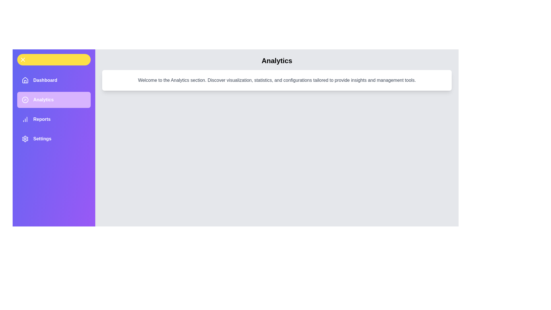 Image resolution: width=551 pixels, height=310 pixels. I want to click on the menu item labeled Reports to navigate to the corresponding section, so click(54, 119).